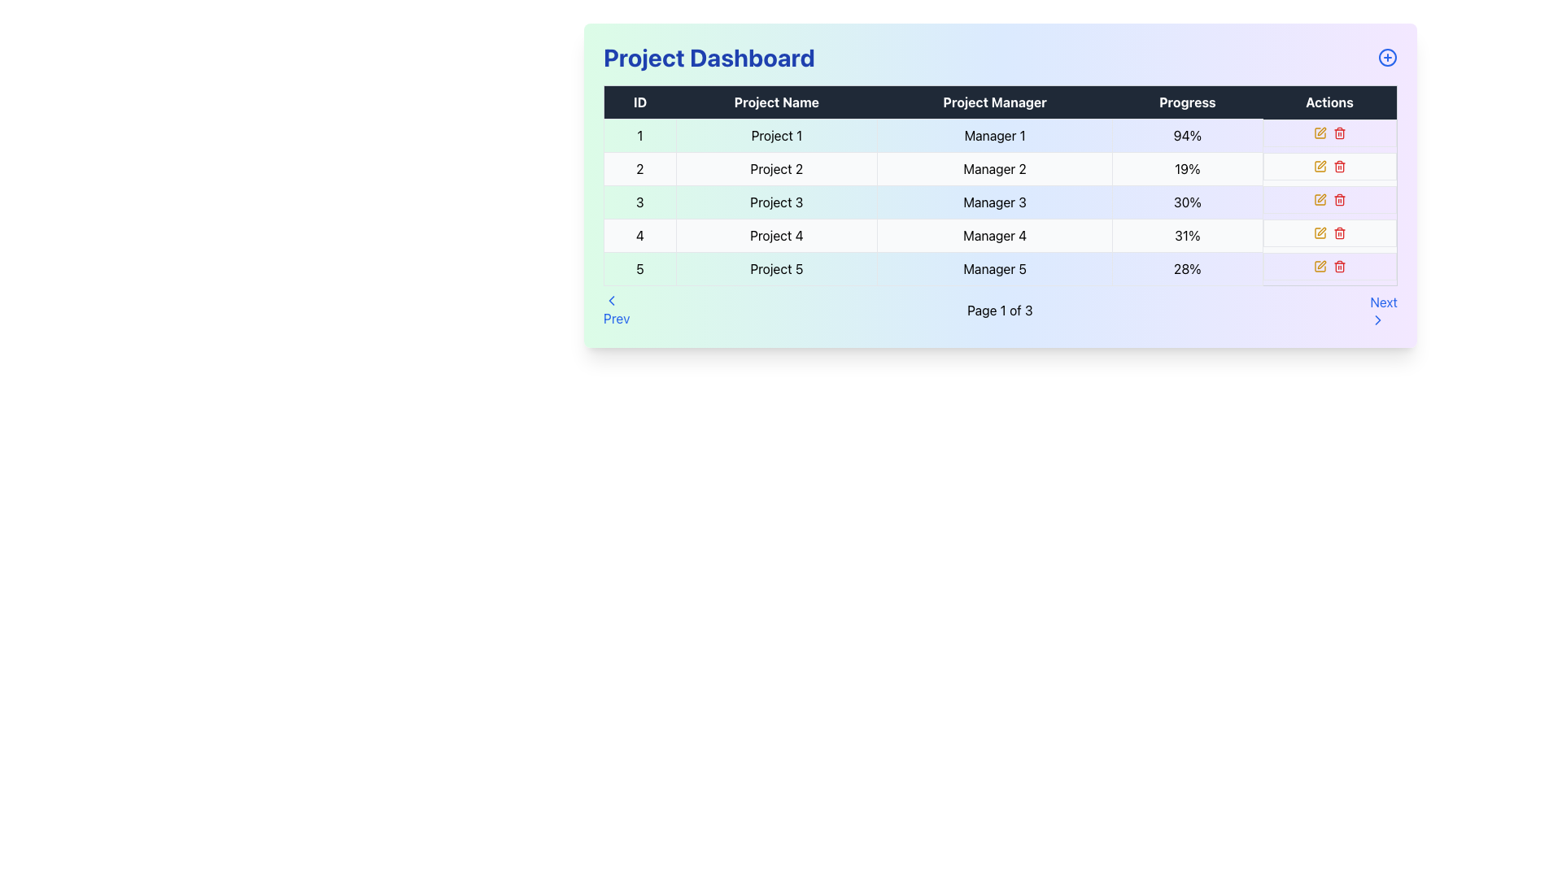  Describe the element at coordinates (1320, 132) in the screenshot. I see `the square-shaped pen icon in the 'Actions' column for 'Project 4'` at that location.